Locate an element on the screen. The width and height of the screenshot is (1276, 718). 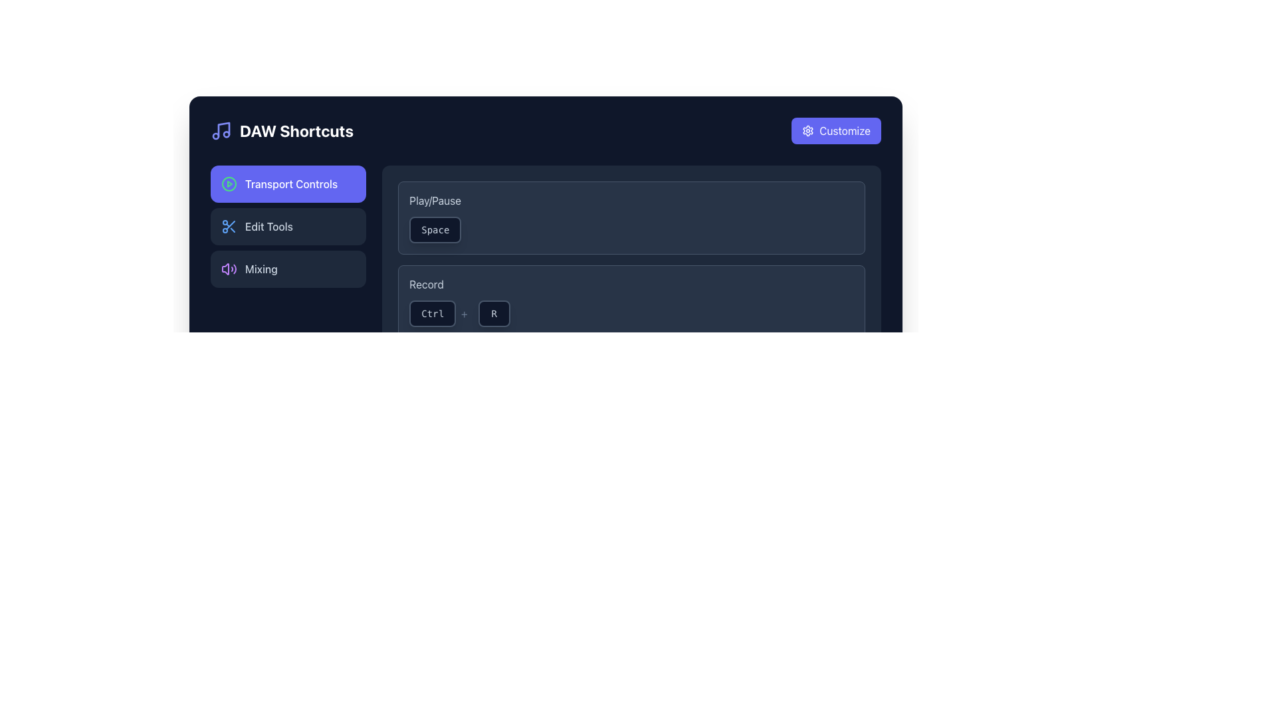
static text label displaying 'Transport Controls', which is styled with white text on an indigo background and positioned in the top-left region of the interface is located at coordinates (290, 184).